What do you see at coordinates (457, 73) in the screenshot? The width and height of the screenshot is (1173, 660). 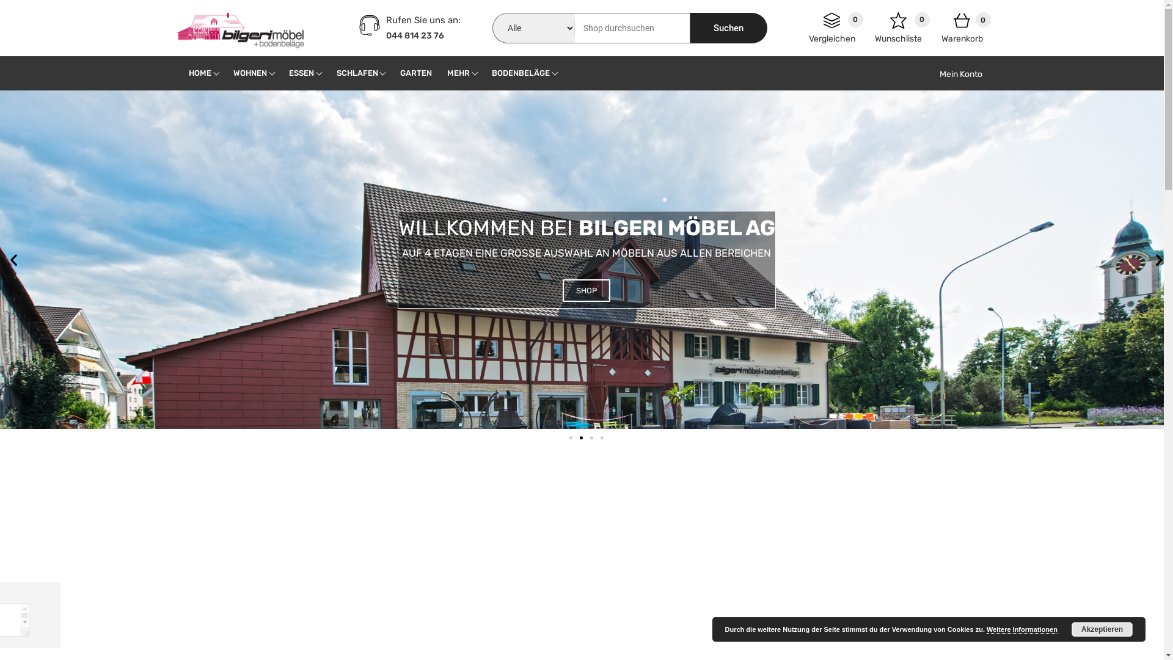 I see `'MEHR'` at bounding box center [457, 73].